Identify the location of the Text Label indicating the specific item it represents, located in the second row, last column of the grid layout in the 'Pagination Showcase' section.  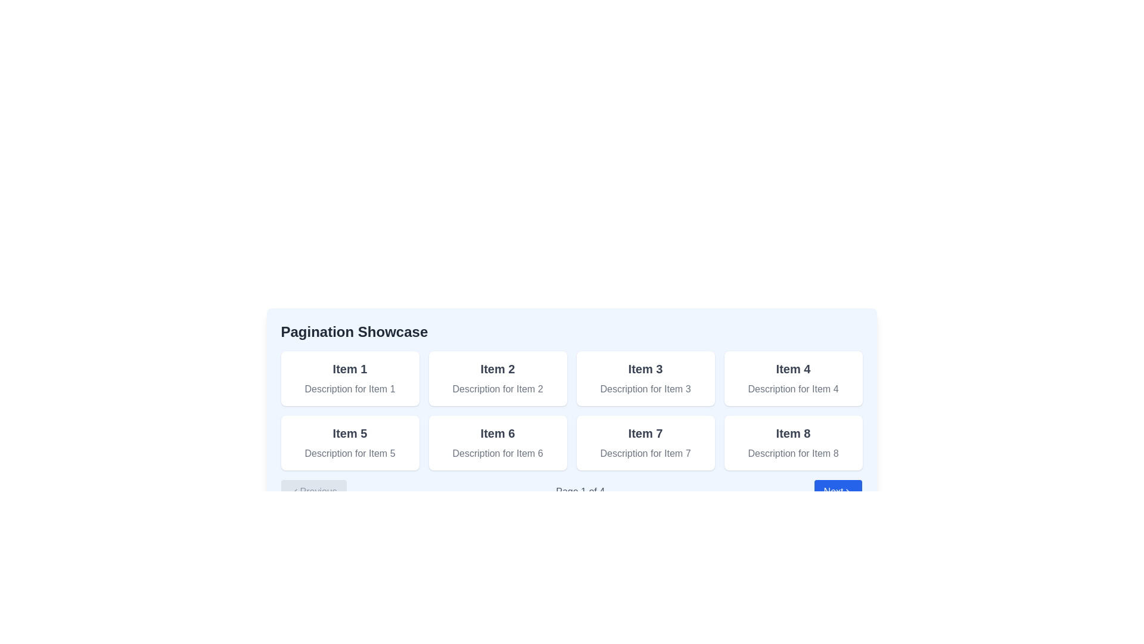
(793, 433).